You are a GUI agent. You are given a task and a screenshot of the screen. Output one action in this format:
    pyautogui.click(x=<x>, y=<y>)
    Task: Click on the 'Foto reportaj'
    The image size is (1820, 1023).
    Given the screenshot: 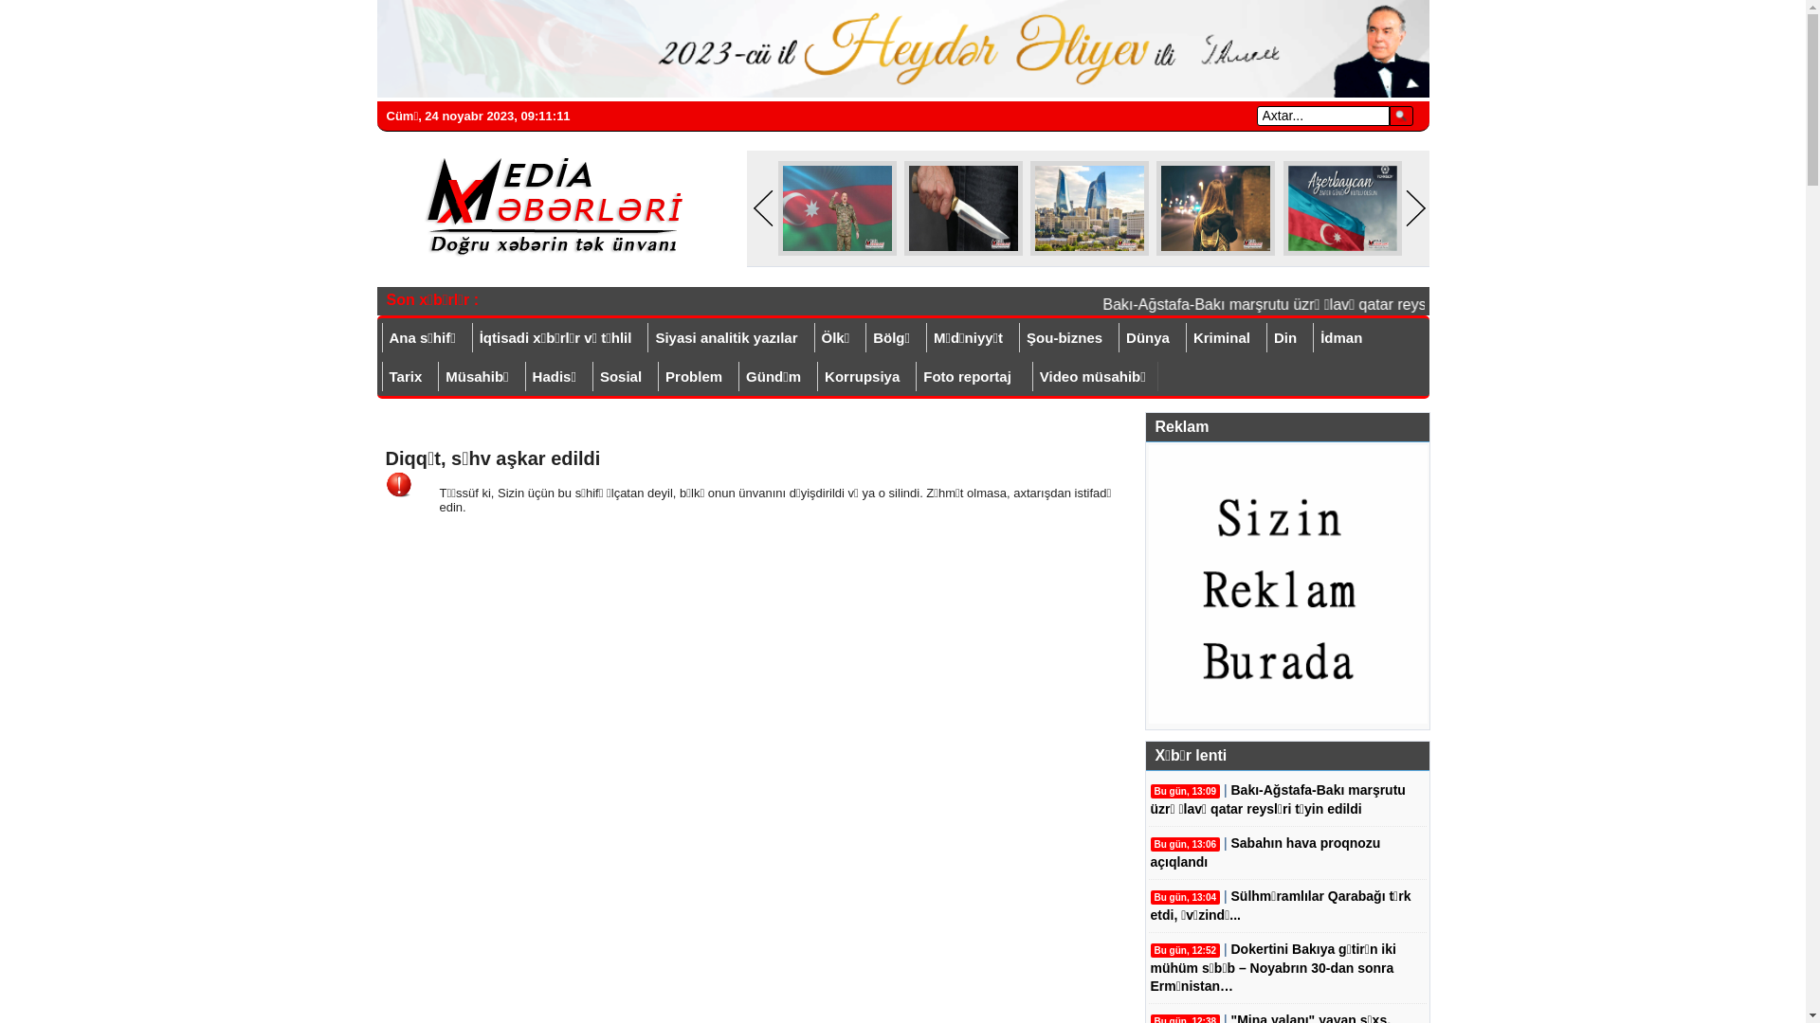 What is the action you would take?
    pyautogui.click(x=966, y=376)
    